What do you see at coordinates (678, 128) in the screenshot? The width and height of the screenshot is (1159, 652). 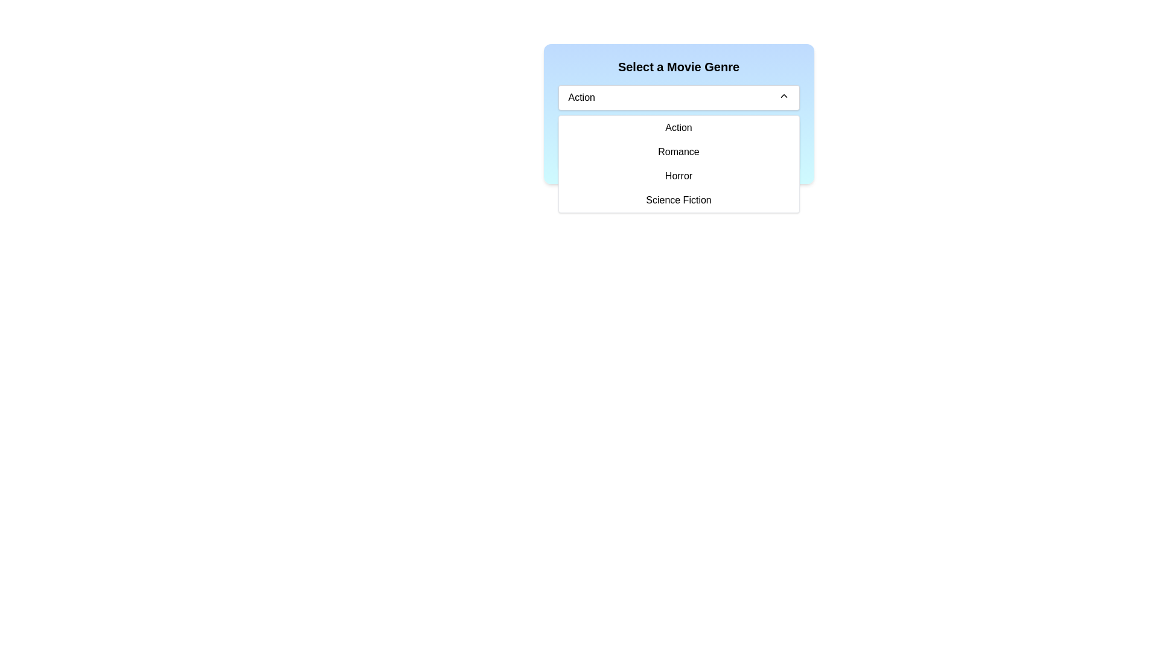 I see `the 'Action' item in the dropdown menu directly below the 'Select a Movie Genre' button` at bounding box center [678, 128].